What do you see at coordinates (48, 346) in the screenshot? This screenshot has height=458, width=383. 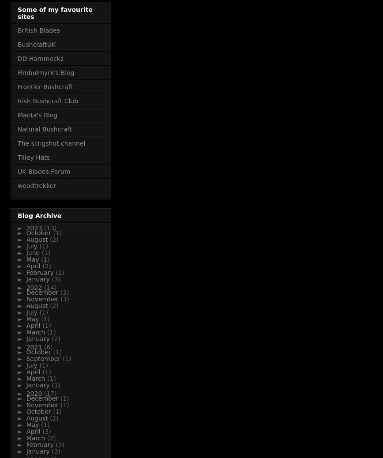 I see `'(6)'` at bounding box center [48, 346].